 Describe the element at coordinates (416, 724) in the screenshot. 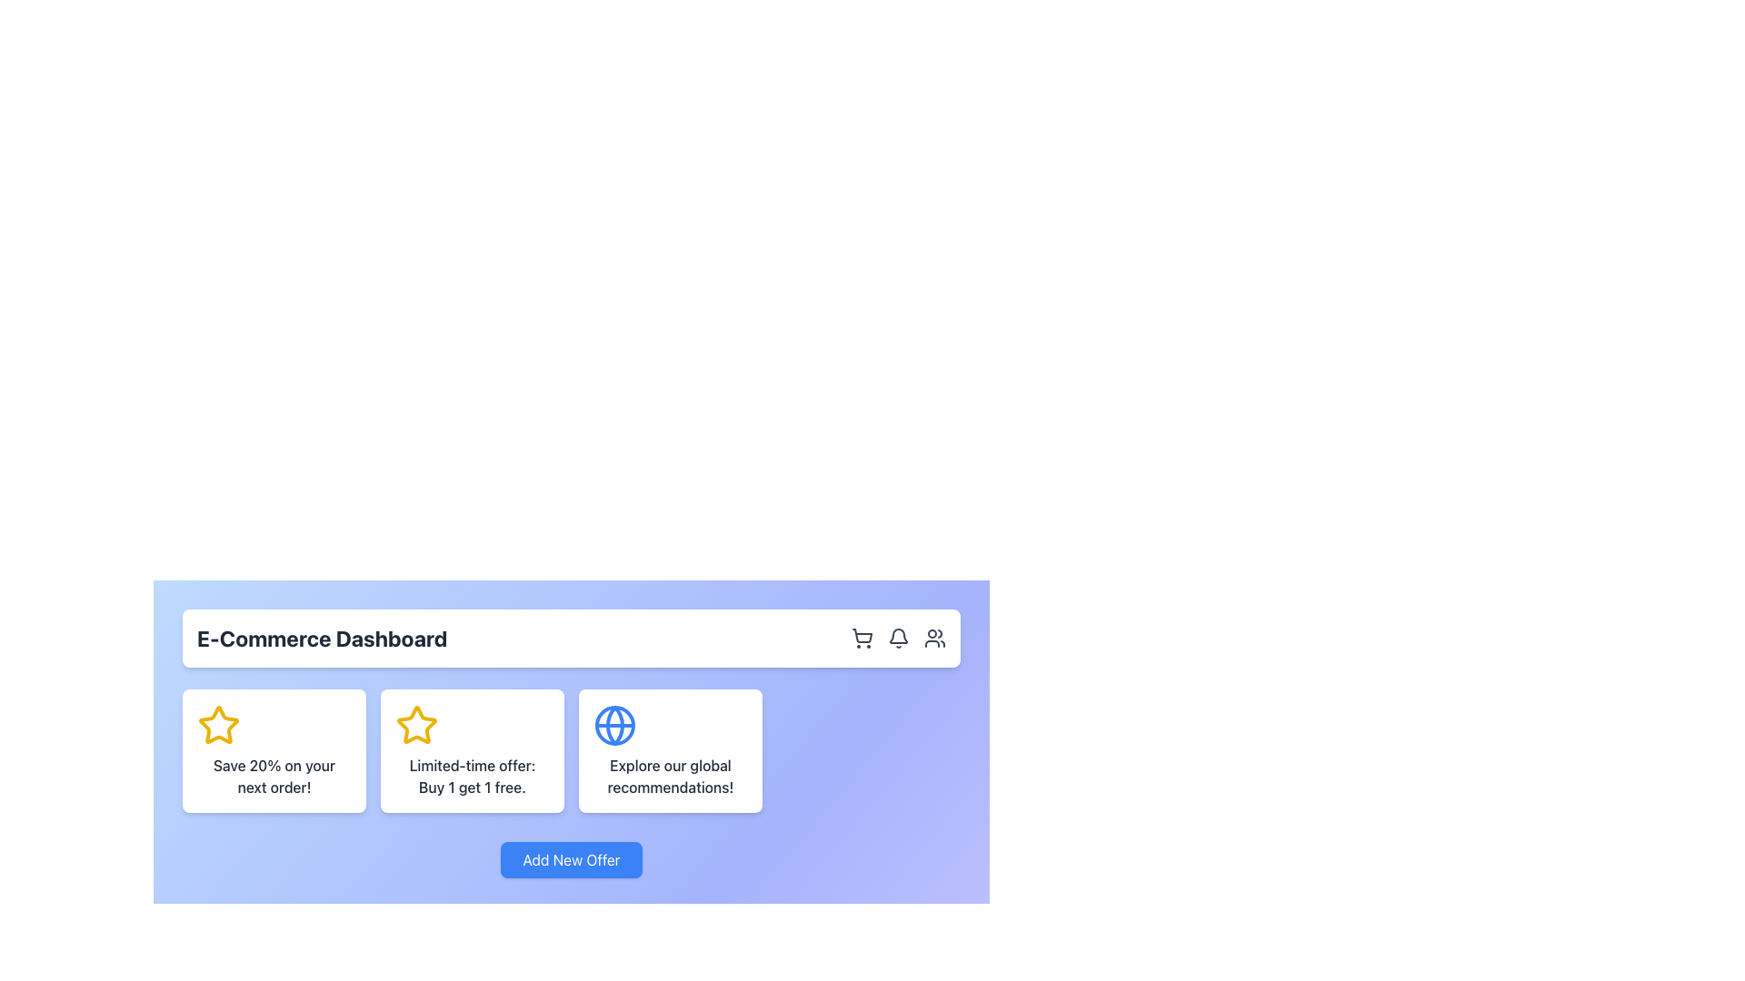

I see `the Graphic Icon located at the center of the card that contains the text 'Limited-time offer: Buy 1 get 1 free.'` at that location.